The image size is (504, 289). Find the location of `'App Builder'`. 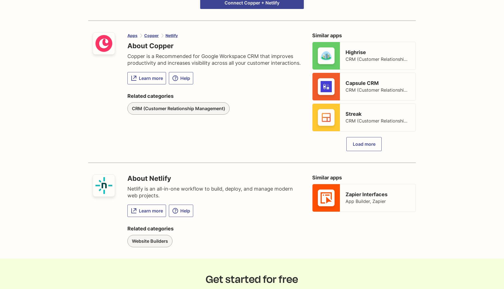

'App Builder' is located at coordinates (358, 201).